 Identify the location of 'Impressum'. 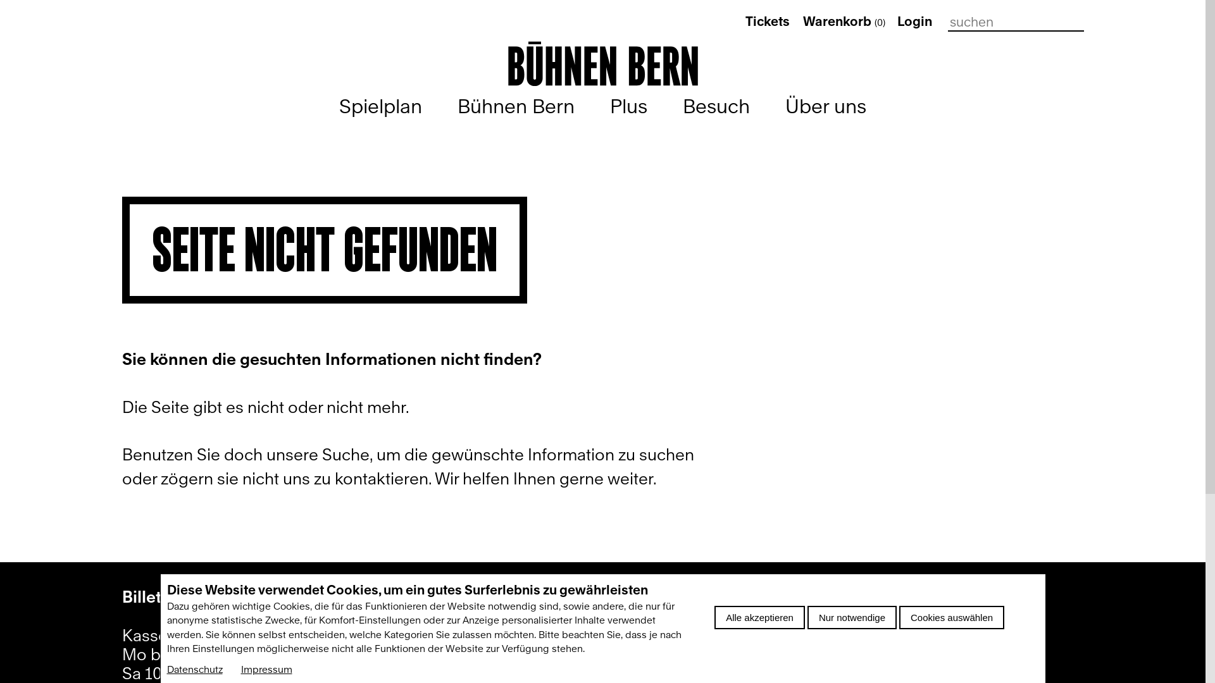
(265, 669).